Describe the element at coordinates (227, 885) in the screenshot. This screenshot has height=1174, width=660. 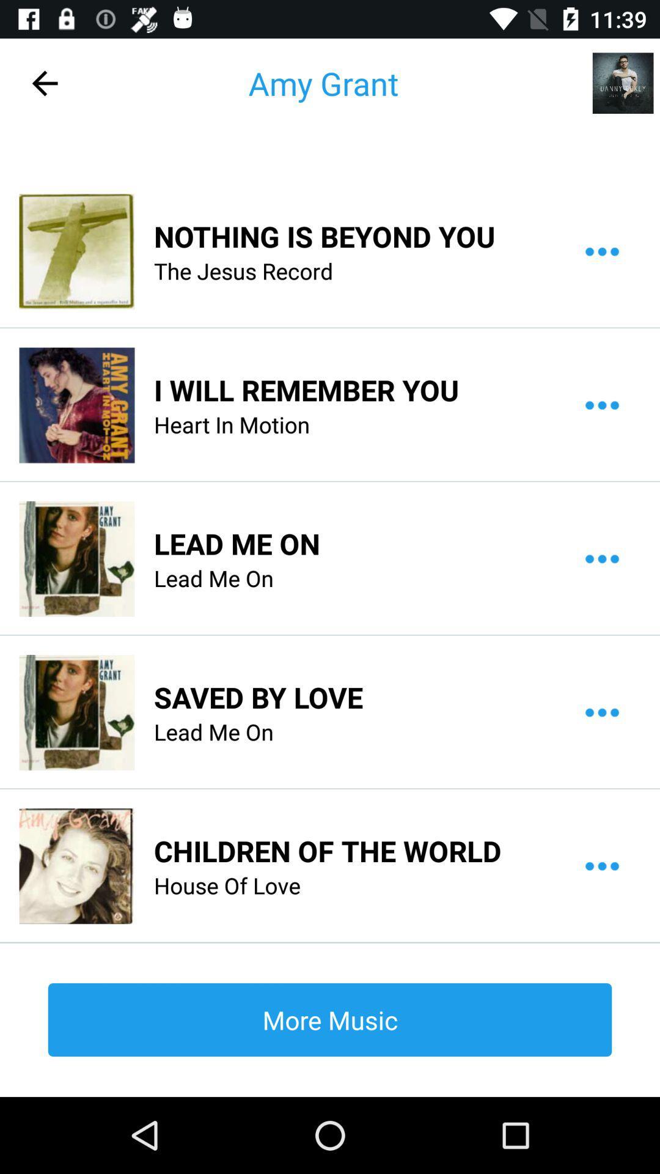
I see `the house of love` at that location.